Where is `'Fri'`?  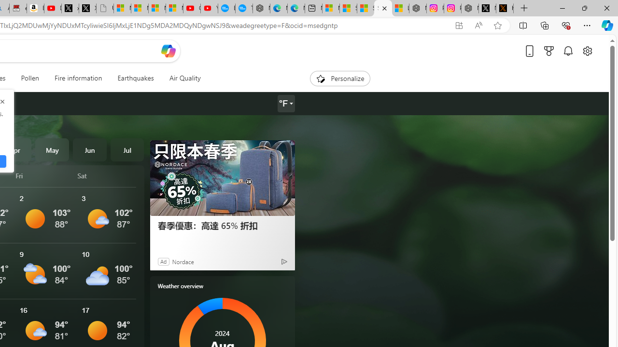
'Fri' is located at coordinates (44, 175).